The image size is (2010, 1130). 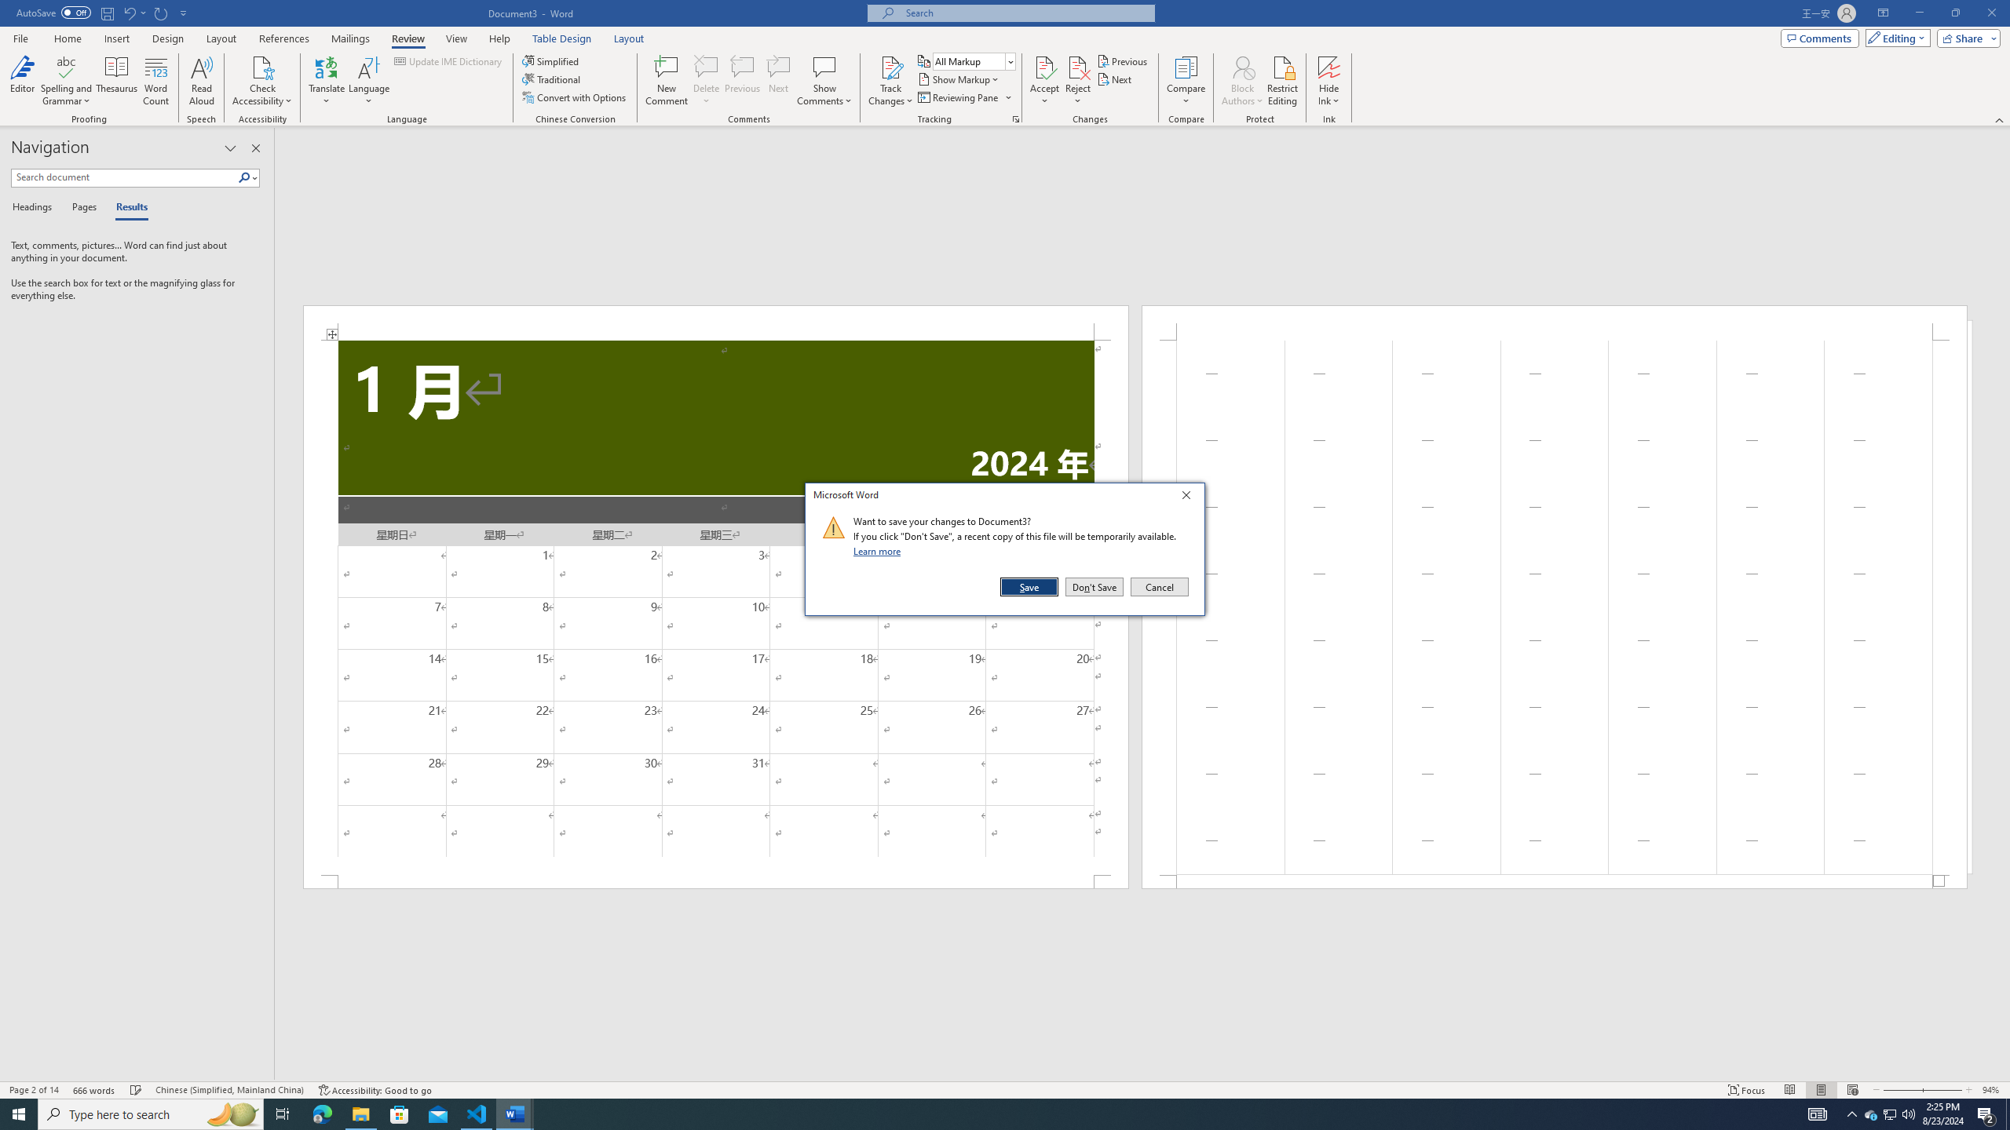 I want to click on 'Print Layout', so click(x=1821, y=1090).